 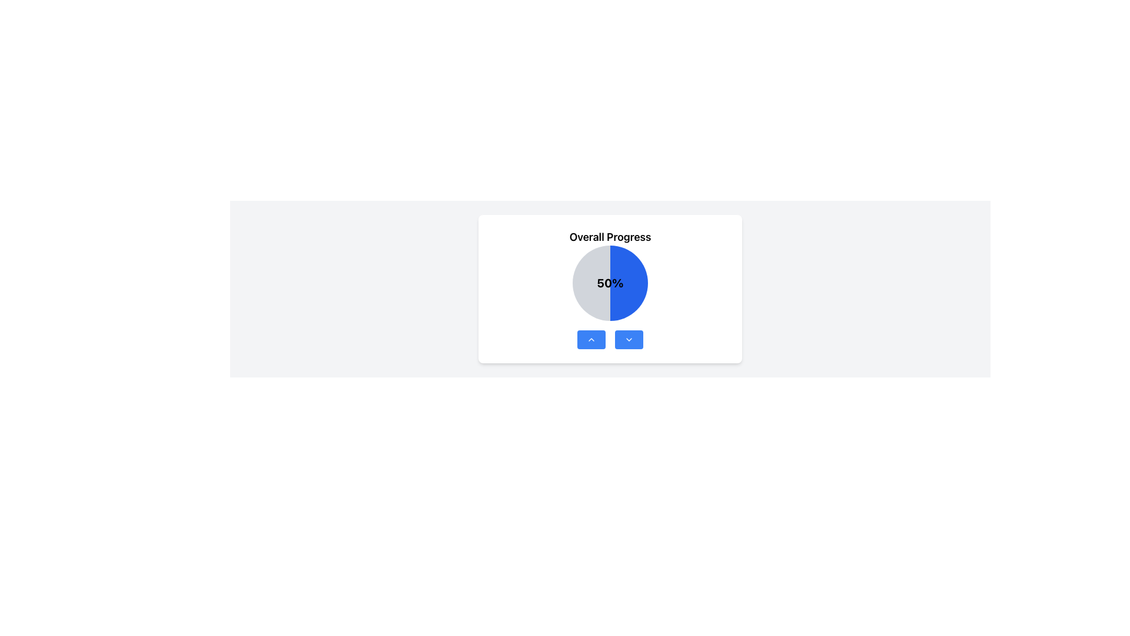 I want to click on the circular Progress Indicator displaying '50%' at its center, which is divided into blue and gray segments and located below the 'Overall Progress' label, so click(x=610, y=283).